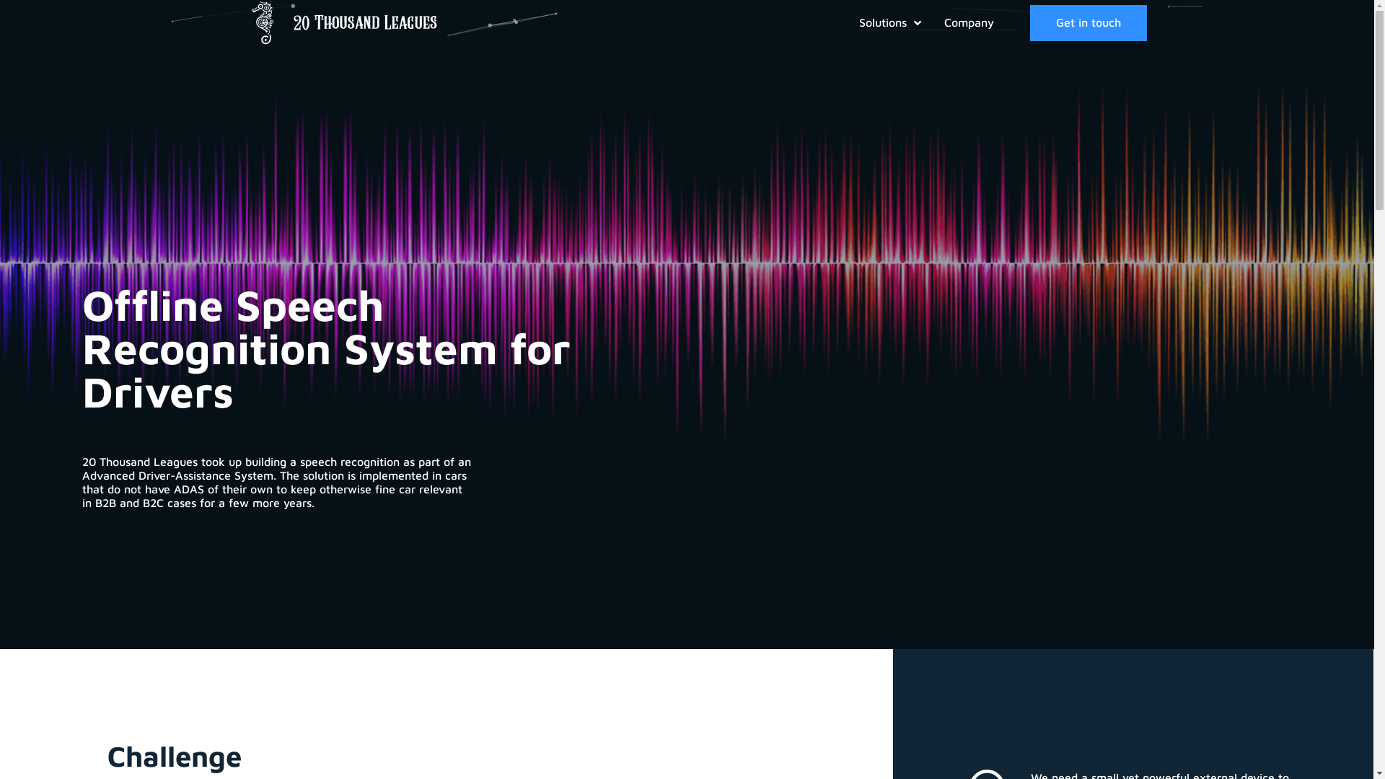 Image resolution: width=1385 pixels, height=779 pixels. What do you see at coordinates (900, 22) in the screenshot?
I see `'Solutions'` at bounding box center [900, 22].